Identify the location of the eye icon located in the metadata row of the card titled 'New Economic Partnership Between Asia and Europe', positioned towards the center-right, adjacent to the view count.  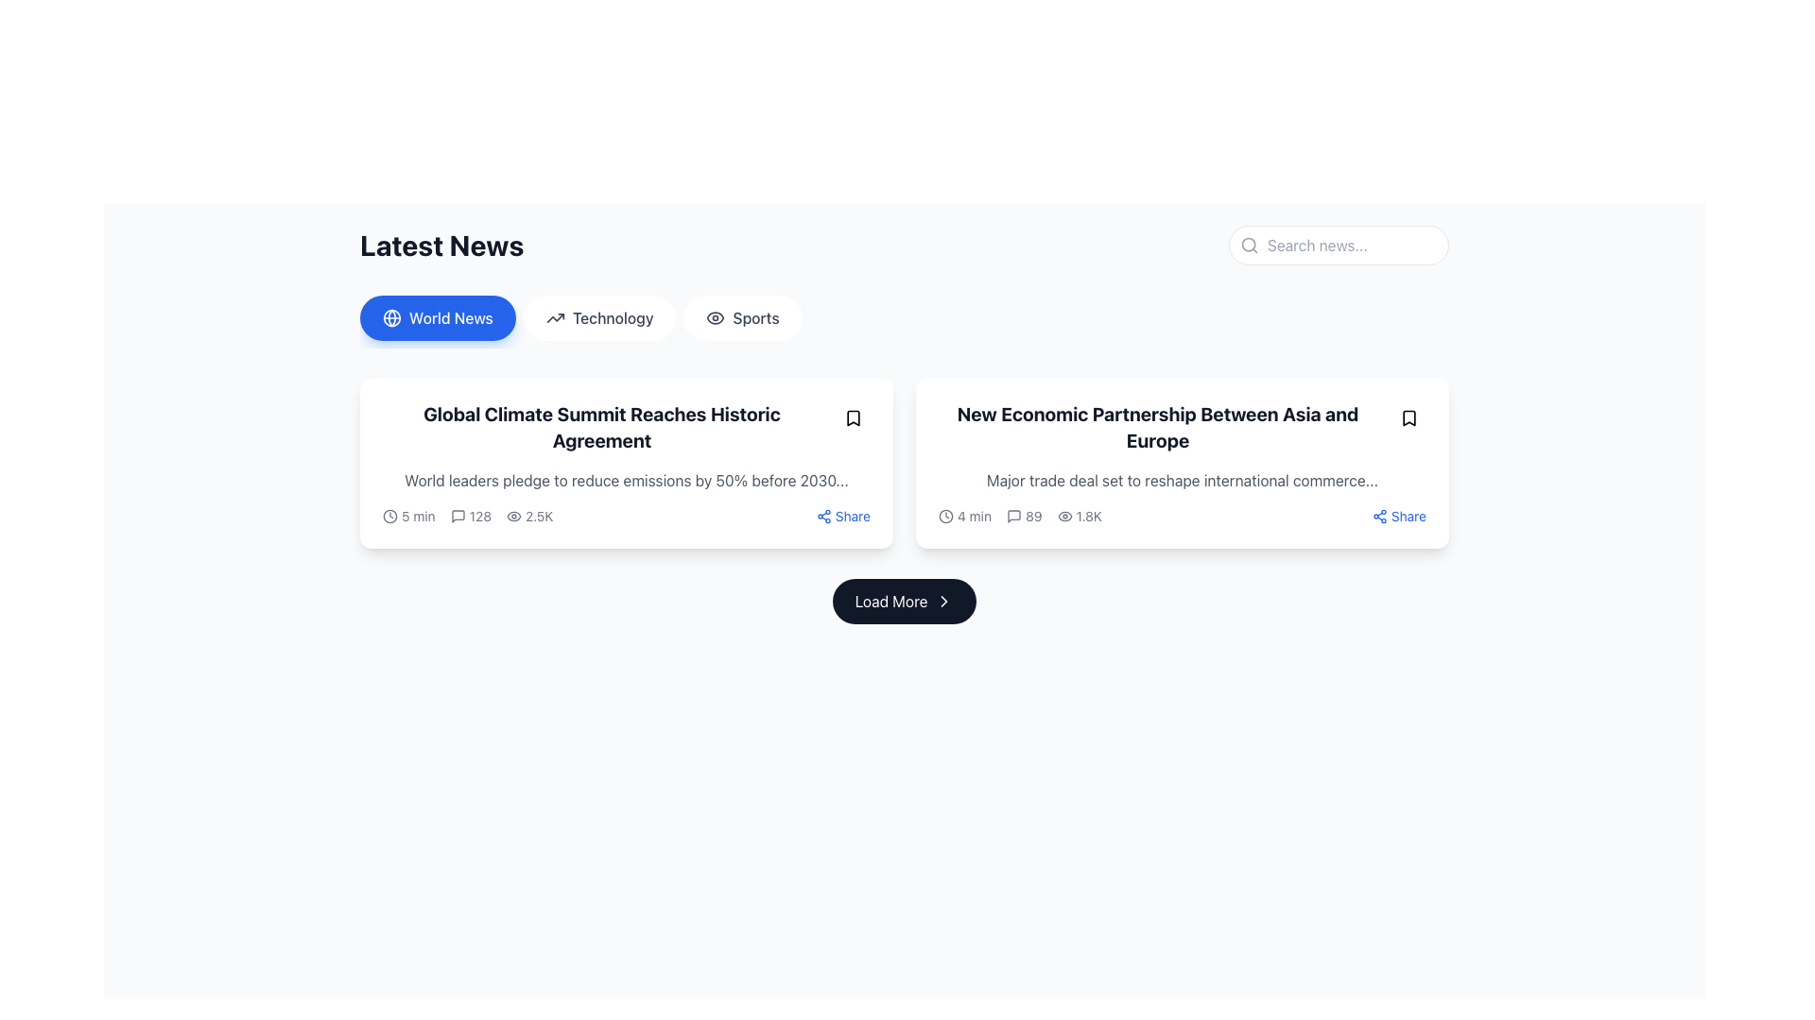
(1064, 517).